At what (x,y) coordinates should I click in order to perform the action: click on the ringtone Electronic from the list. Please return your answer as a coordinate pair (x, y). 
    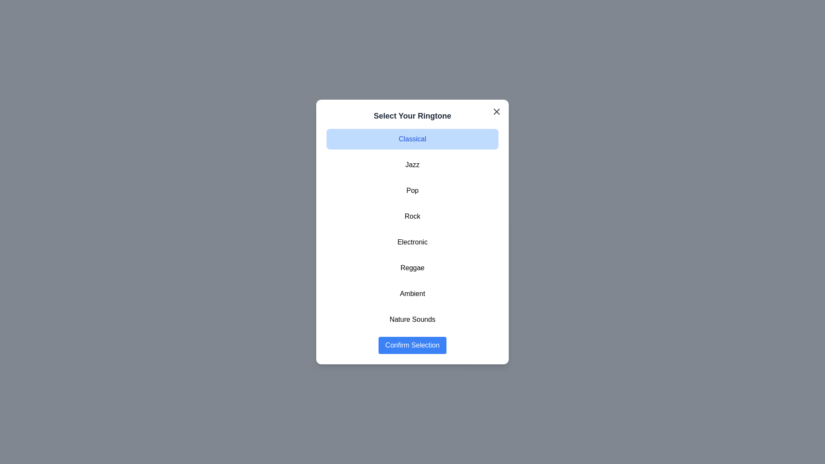
    Looking at the image, I should click on (412, 242).